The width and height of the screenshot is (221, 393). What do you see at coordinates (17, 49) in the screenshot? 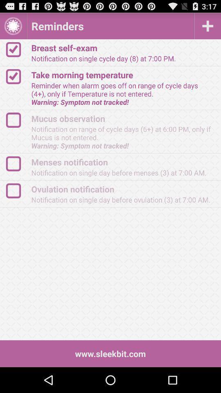
I see `tick` at bounding box center [17, 49].